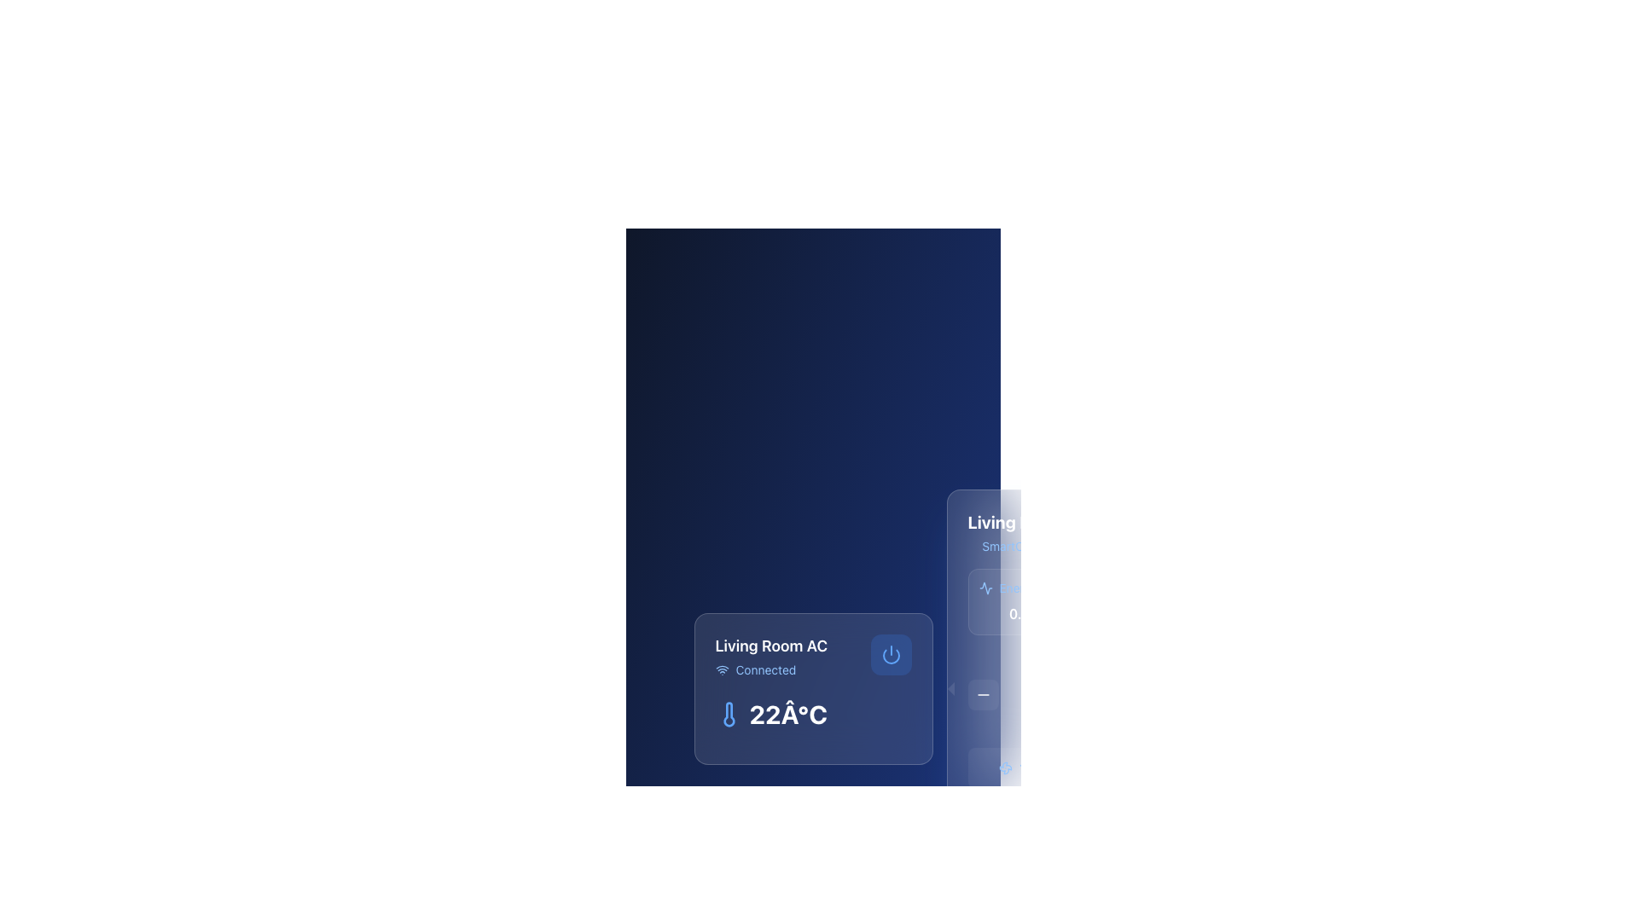 This screenshot has height=921, width=1638. Describe the element at coordinates (890, 653) in the screenshot. I see `the circular power icon button for the 'Living Room AC'` at that location.